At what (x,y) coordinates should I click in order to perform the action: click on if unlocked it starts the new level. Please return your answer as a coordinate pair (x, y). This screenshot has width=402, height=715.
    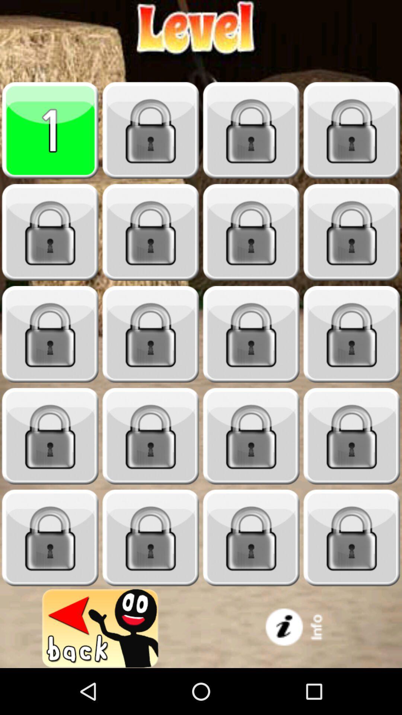
    Looking at the image, I should click on (50, 538).